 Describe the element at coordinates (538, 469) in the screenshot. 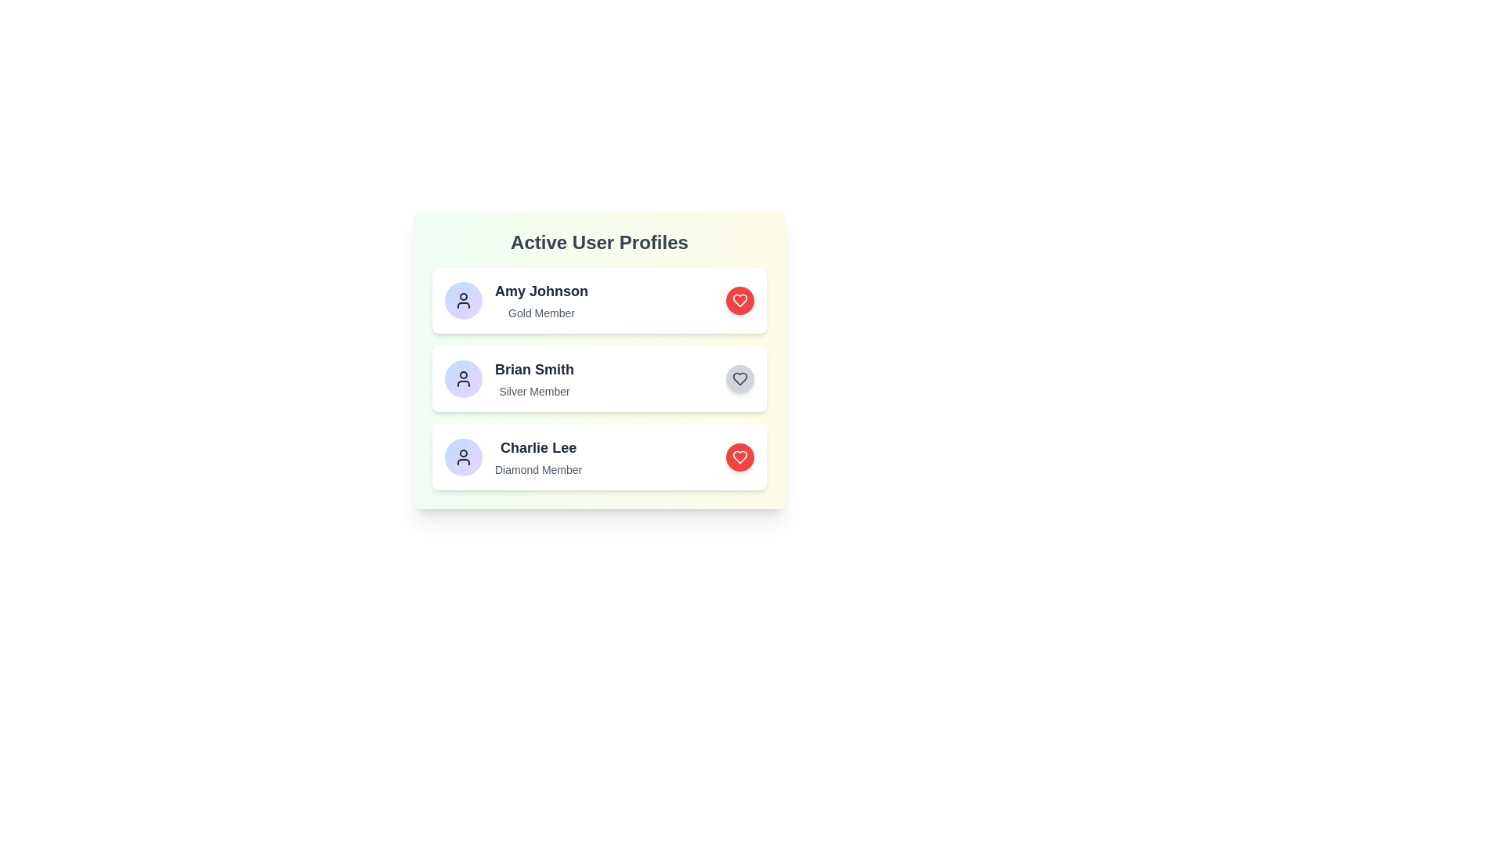

I see `the 'Diamond Member' text label, which is a small gray font label located below the username 'Charlie Lee' in the user card` at that location.